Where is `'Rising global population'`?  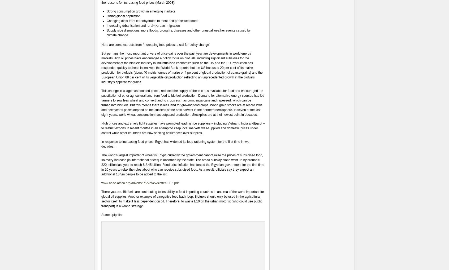 'Rising global population' is located at coordinates (123, 16).